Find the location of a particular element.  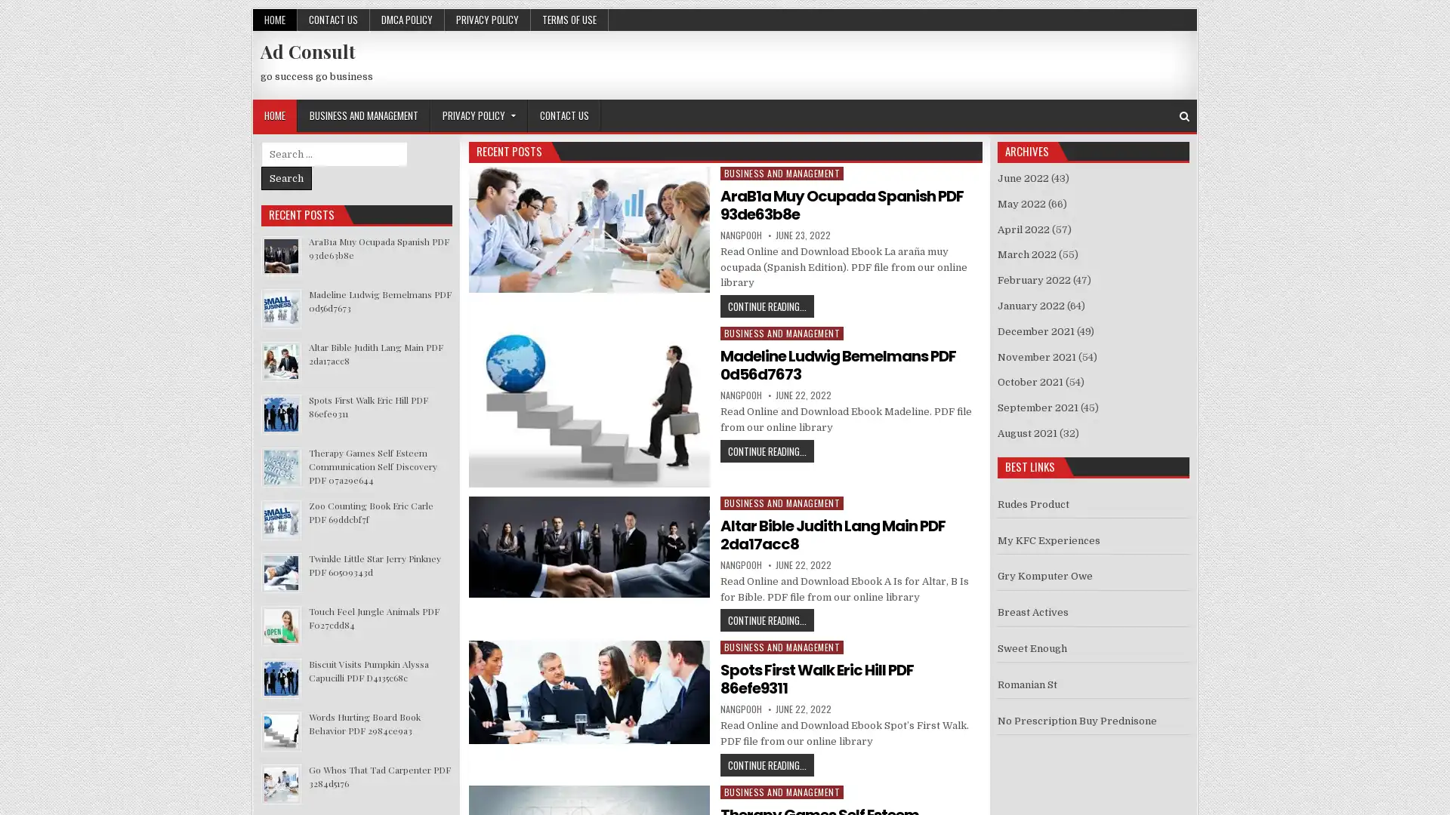

Search is located at coordinates (285, 177).